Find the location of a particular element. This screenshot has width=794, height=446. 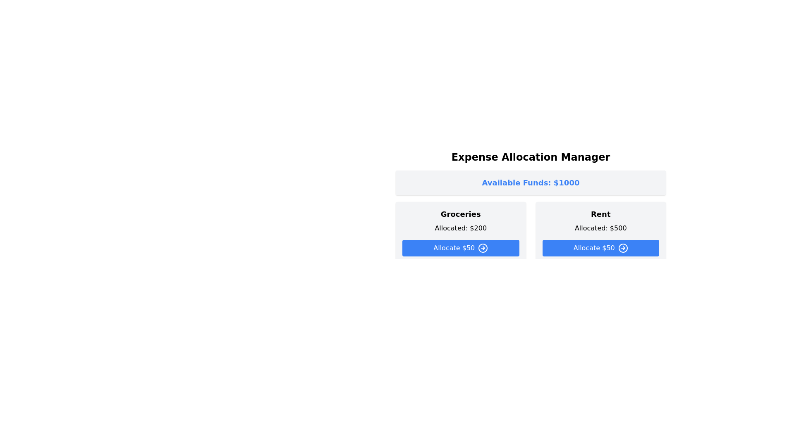

the circular outline within the 'Allocate $50' button, which signifies a direction or continuation, located towards the bottom-right portion of the button is located at coordinates (483, 248).